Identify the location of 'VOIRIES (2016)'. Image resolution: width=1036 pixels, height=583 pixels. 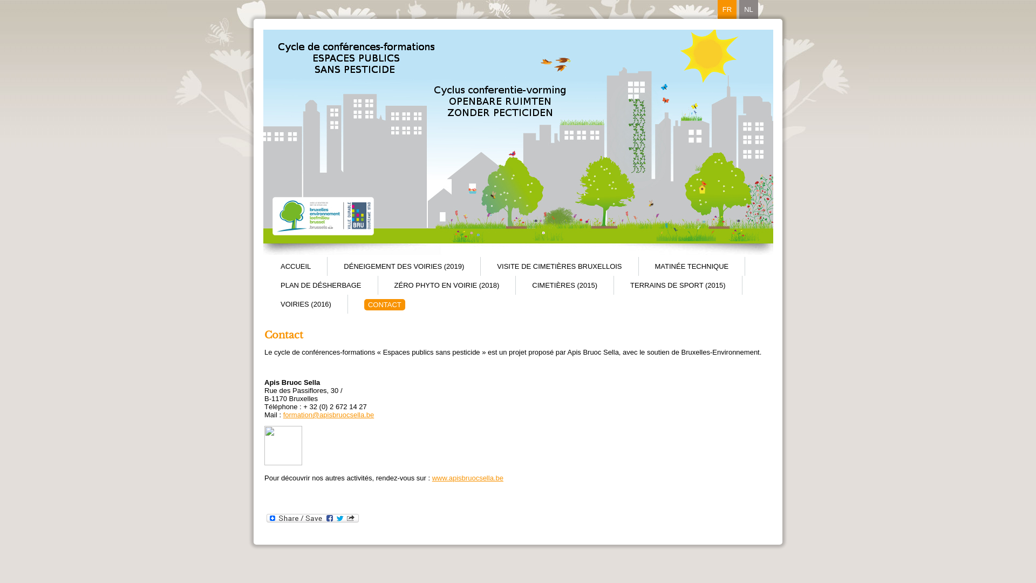
(305, 304).